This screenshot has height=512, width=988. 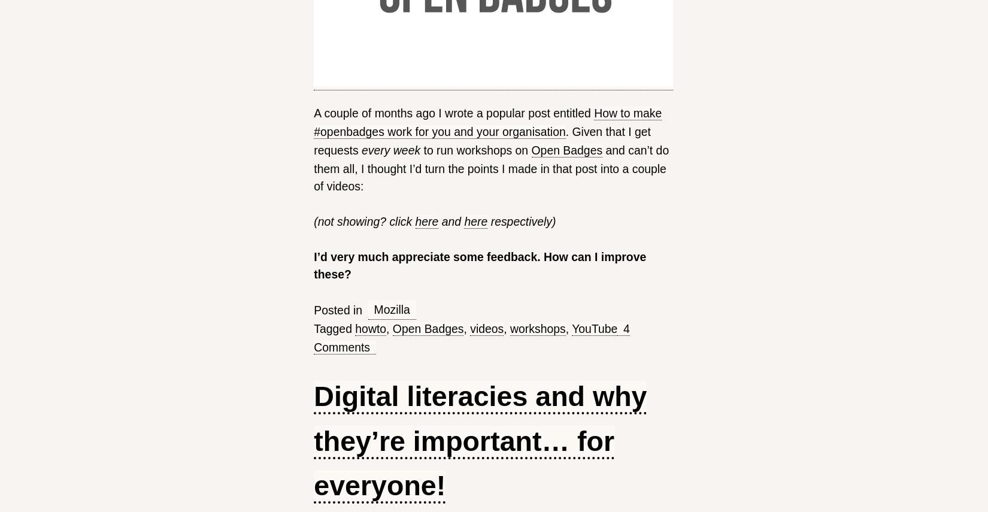 What do you see at coordinates (363, 220) in the screenshot?
I see `'(not showing? click'` at bounding box center [363, 220].